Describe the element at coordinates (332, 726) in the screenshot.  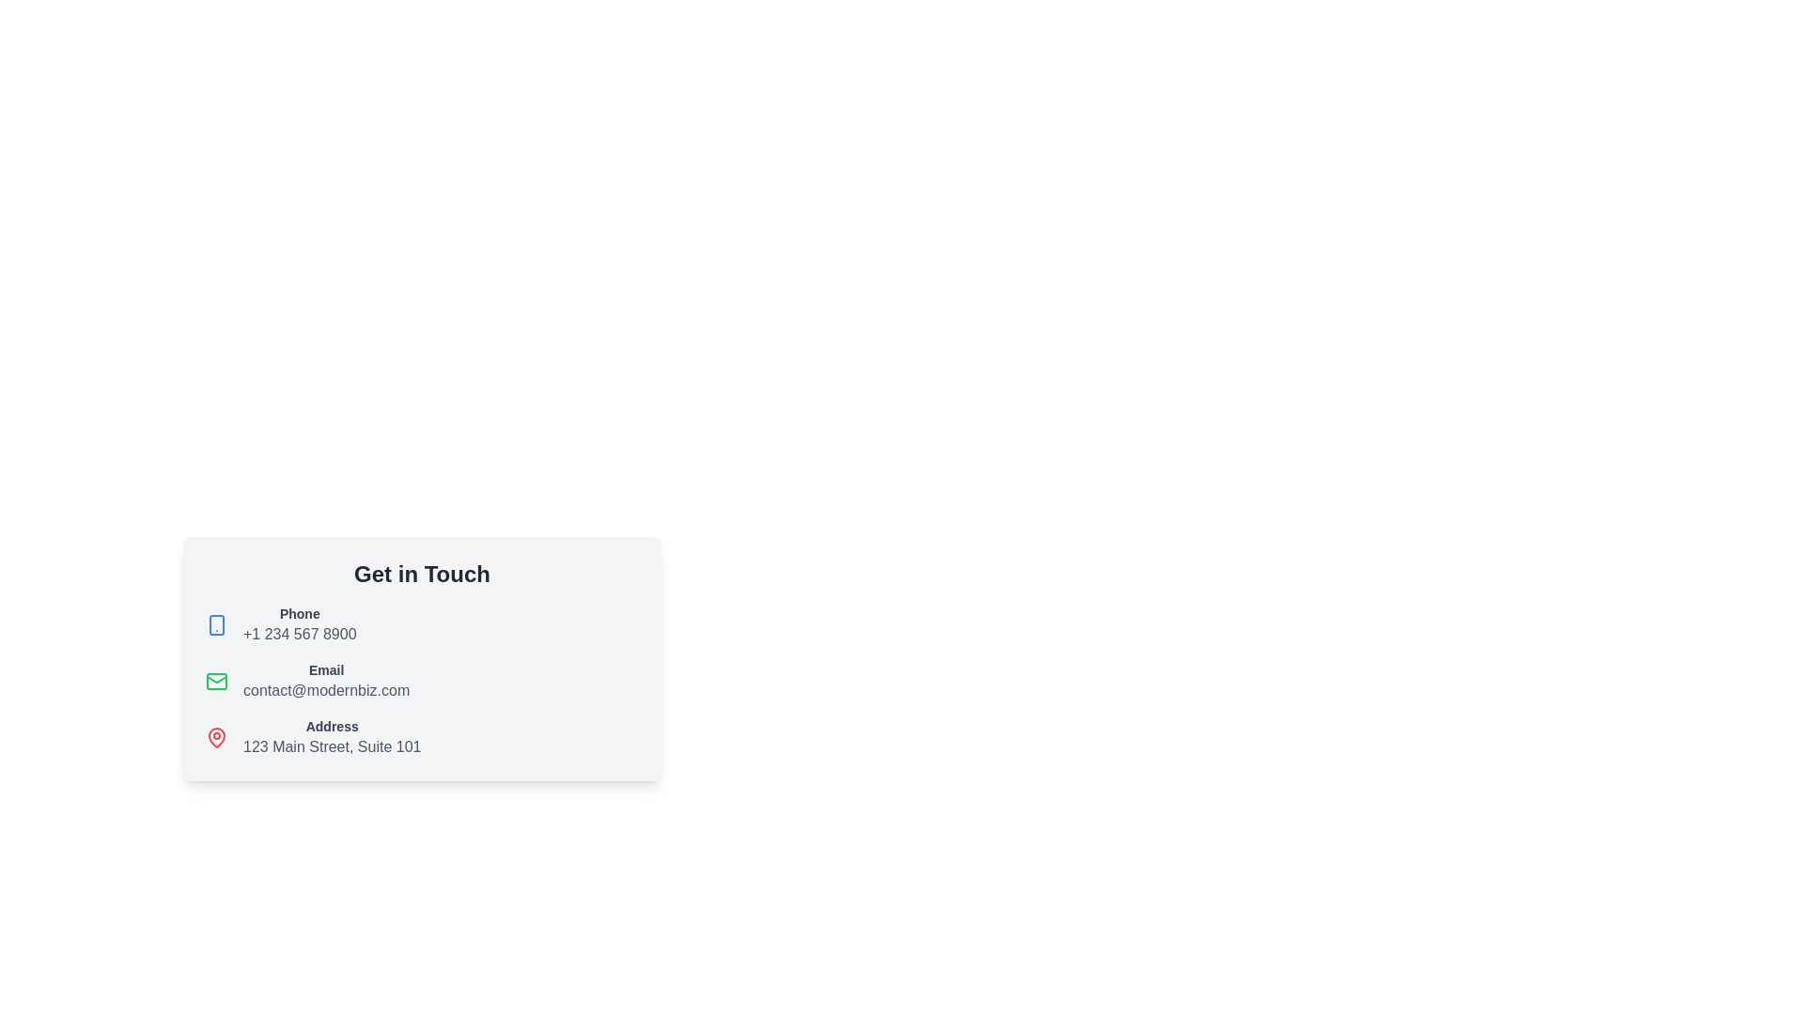
I see `the Text Label that identifies the address information below the 'Email' section in the contact card` at that location.